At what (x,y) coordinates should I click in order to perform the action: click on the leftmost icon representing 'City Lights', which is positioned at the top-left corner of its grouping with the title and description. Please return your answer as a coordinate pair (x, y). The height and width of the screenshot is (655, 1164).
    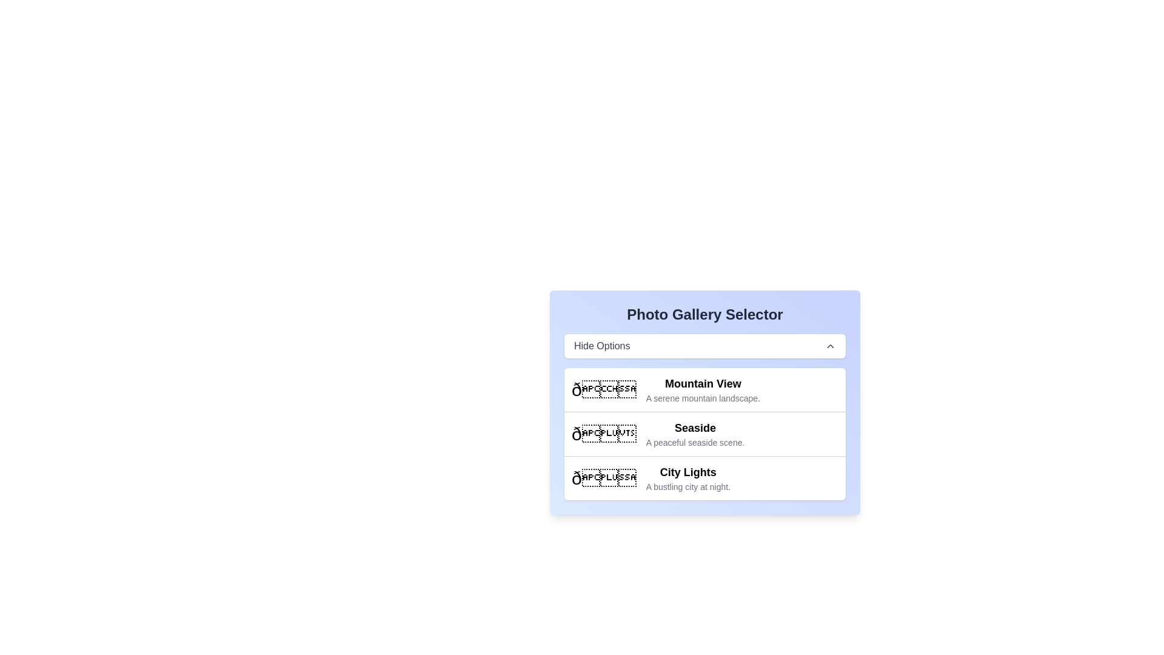
    Looking at the image, I should click on (604, 478).